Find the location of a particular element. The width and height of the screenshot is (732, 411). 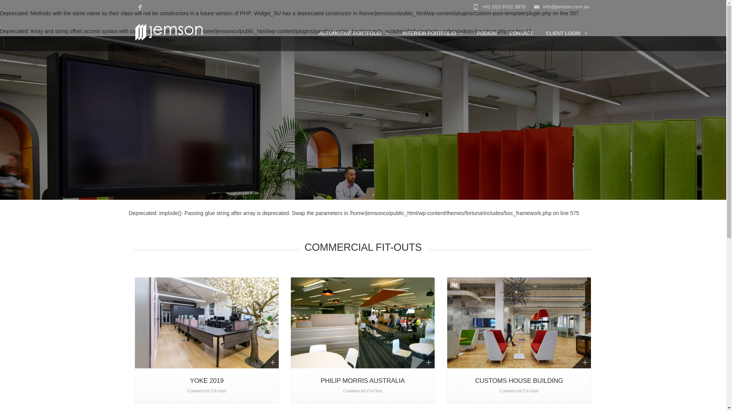

'YOKE 2019 is located at coordinates (207, 340).